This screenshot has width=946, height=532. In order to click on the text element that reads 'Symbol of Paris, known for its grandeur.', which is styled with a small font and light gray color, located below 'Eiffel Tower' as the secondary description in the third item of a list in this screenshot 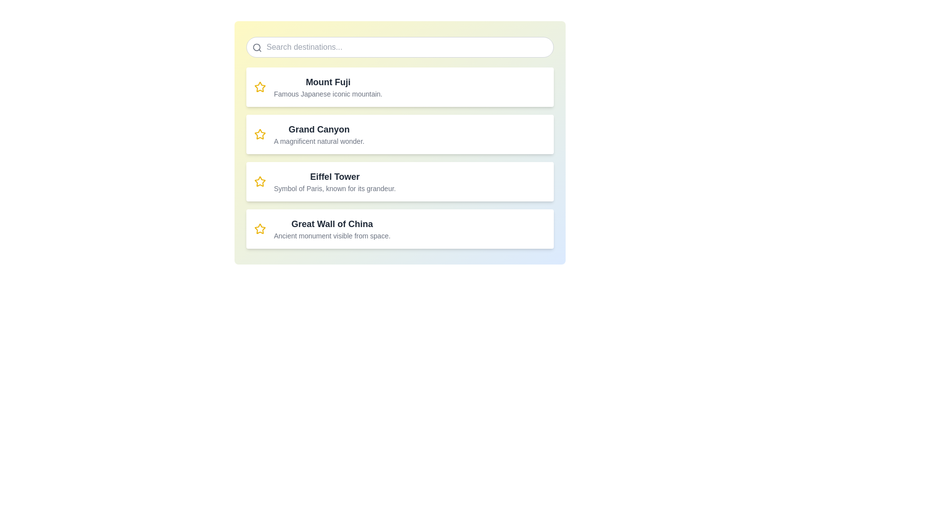, I will do `click(335, 188)`.